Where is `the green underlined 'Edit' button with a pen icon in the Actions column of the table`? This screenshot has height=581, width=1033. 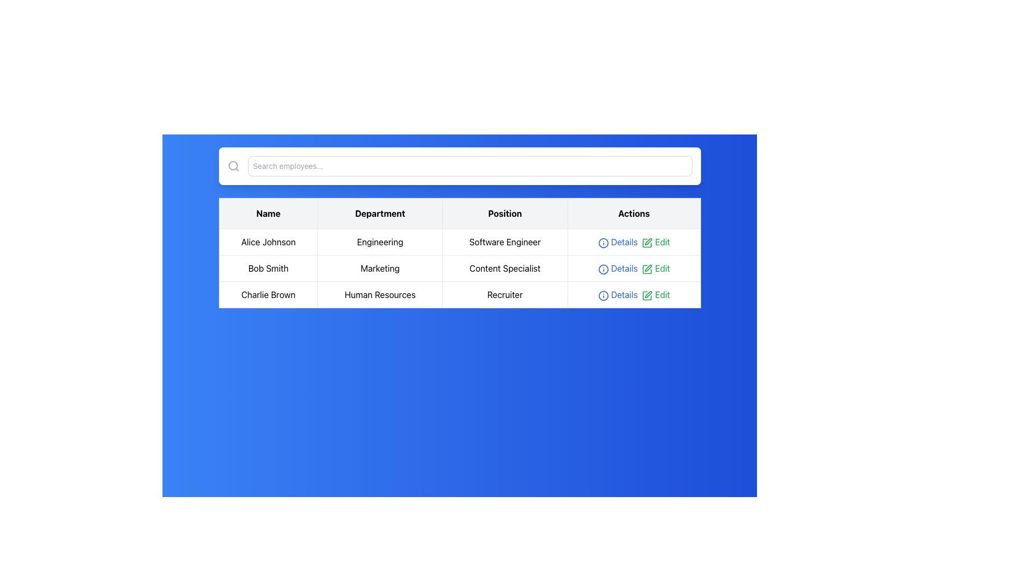 the green underlined 'Edit' button with a pen icon in the Actions column of the table is located at coordinates (655, 242).